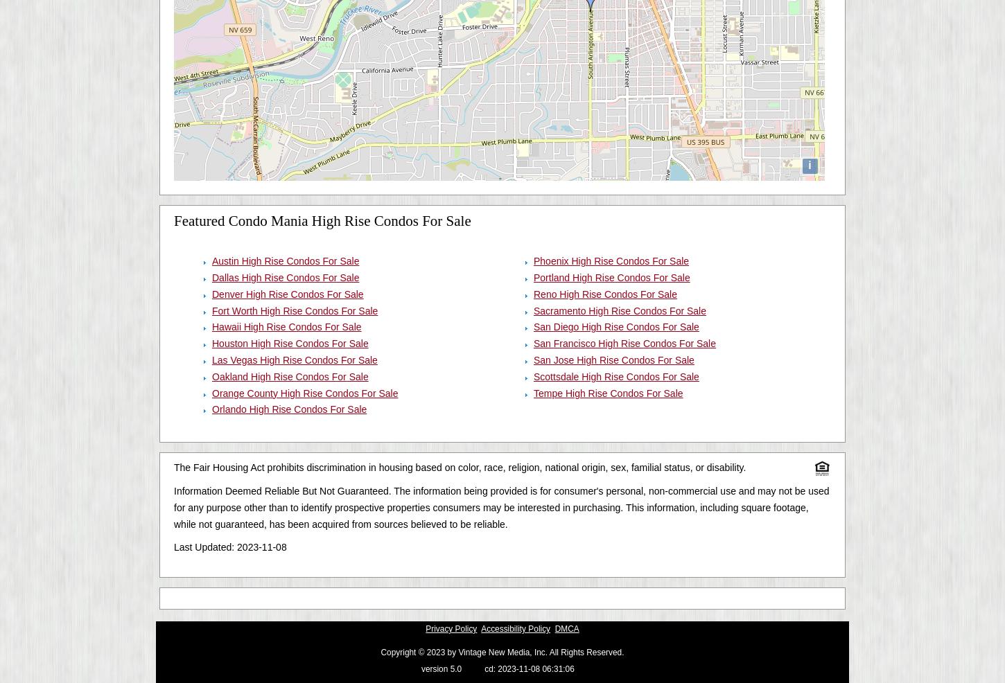  I want to click on 'Portland High Rise Condos For Sale', so click(611, 277).